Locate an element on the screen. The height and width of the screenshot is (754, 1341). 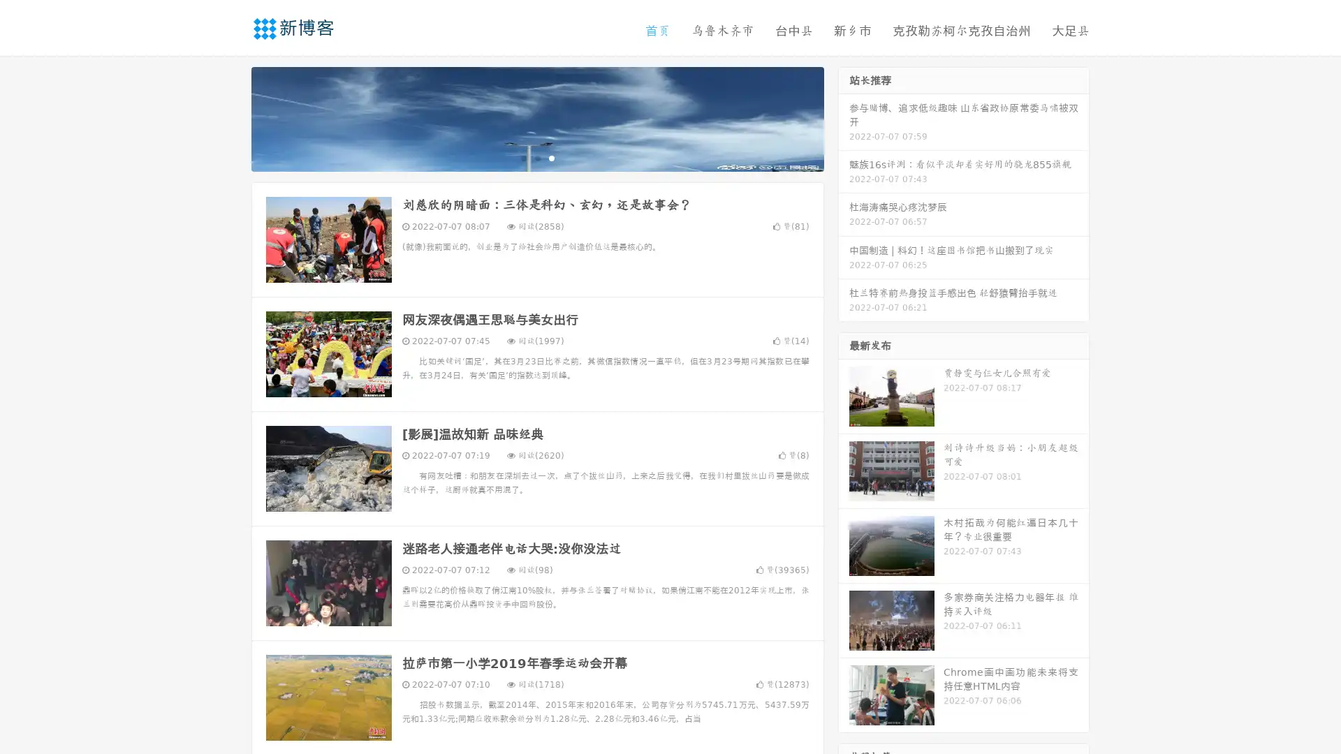
Go to slide 2 is located at coordinates (536, 157).